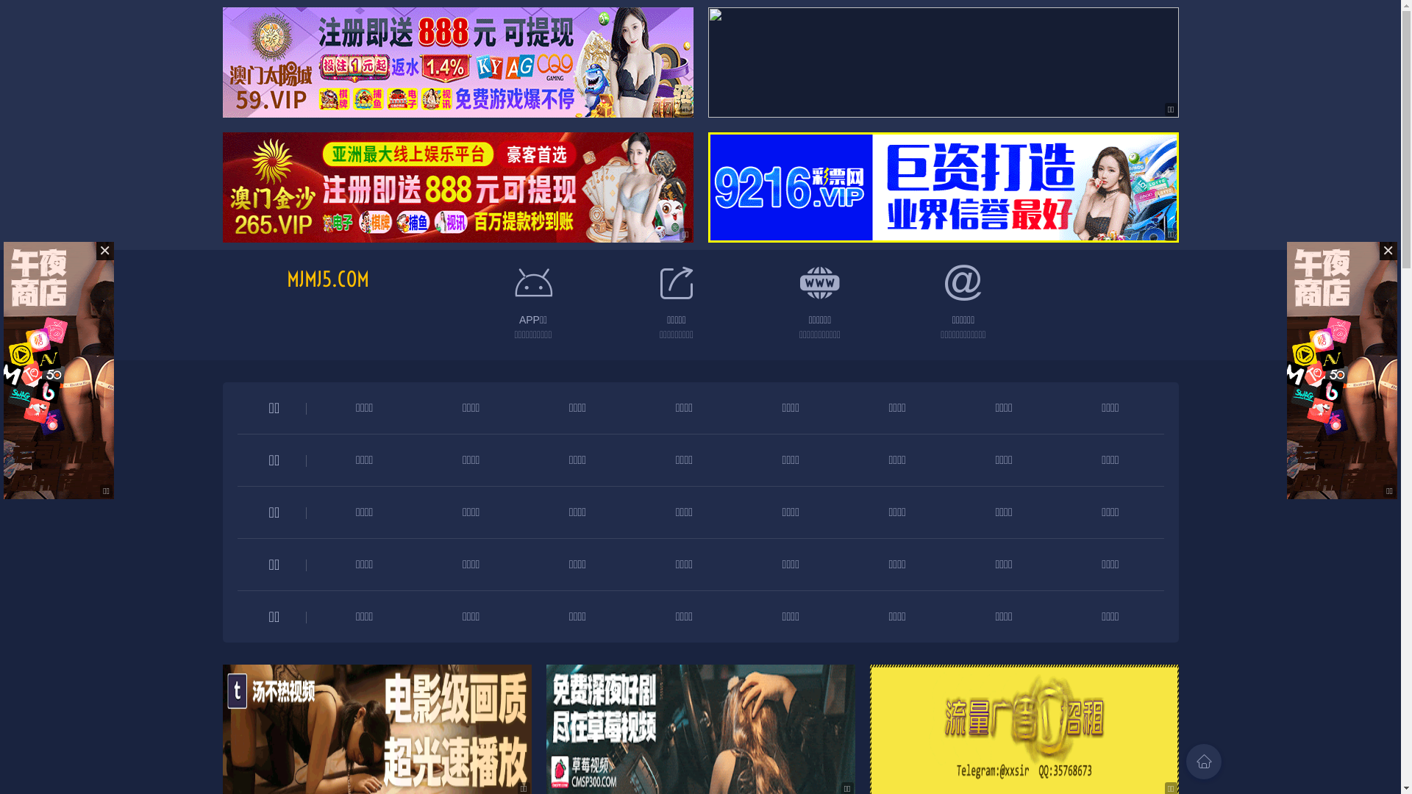 The image size is (1412, 794). I want to click on 'MJMJ5.COM', so click(327, 279).